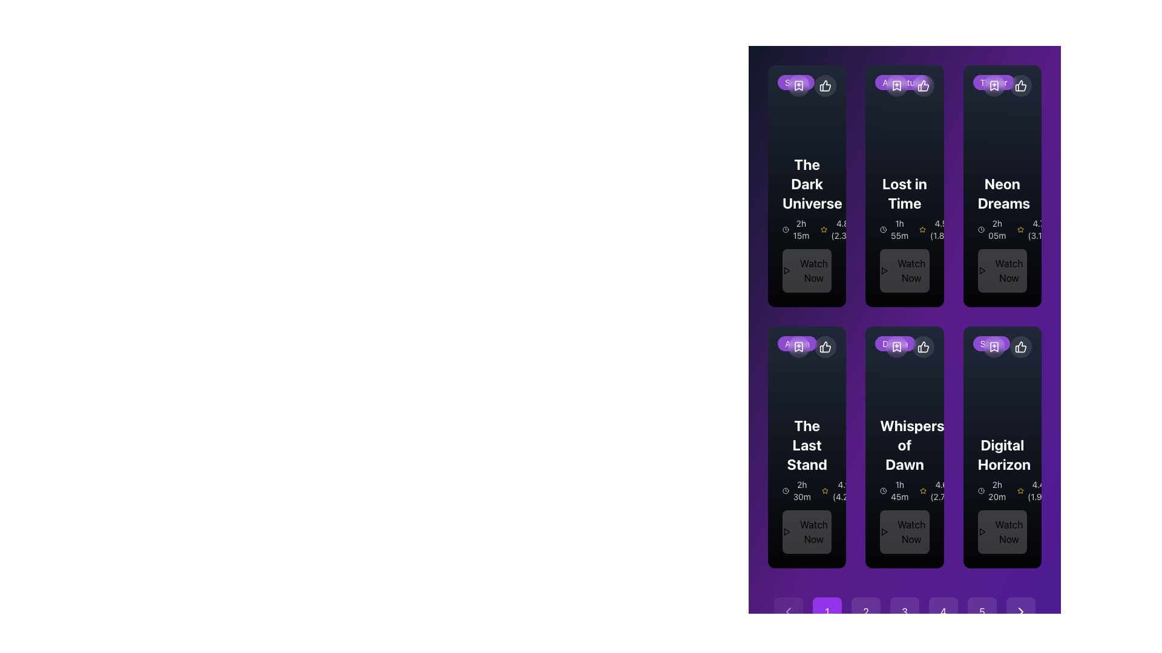 This screenshot has width=1162, height=653. I want to click on the call-to-action button located at the bottom center of the second card from the left on the top row of the grid layout to initiate streaming, so click(911, 270).